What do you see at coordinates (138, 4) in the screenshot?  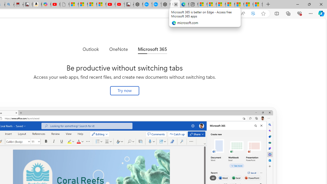 I see `'Nordace - My Account'` at bounding box center [138, 4].